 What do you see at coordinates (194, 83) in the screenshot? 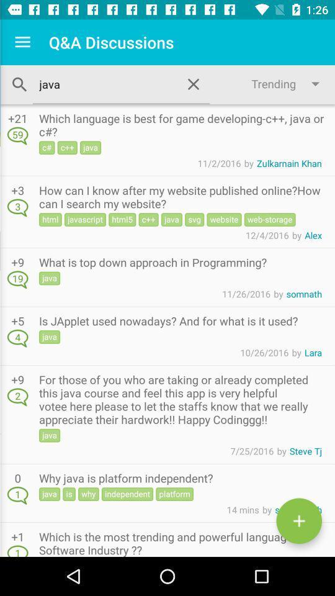
I see `the close icon` at bounding box center [194, 83].